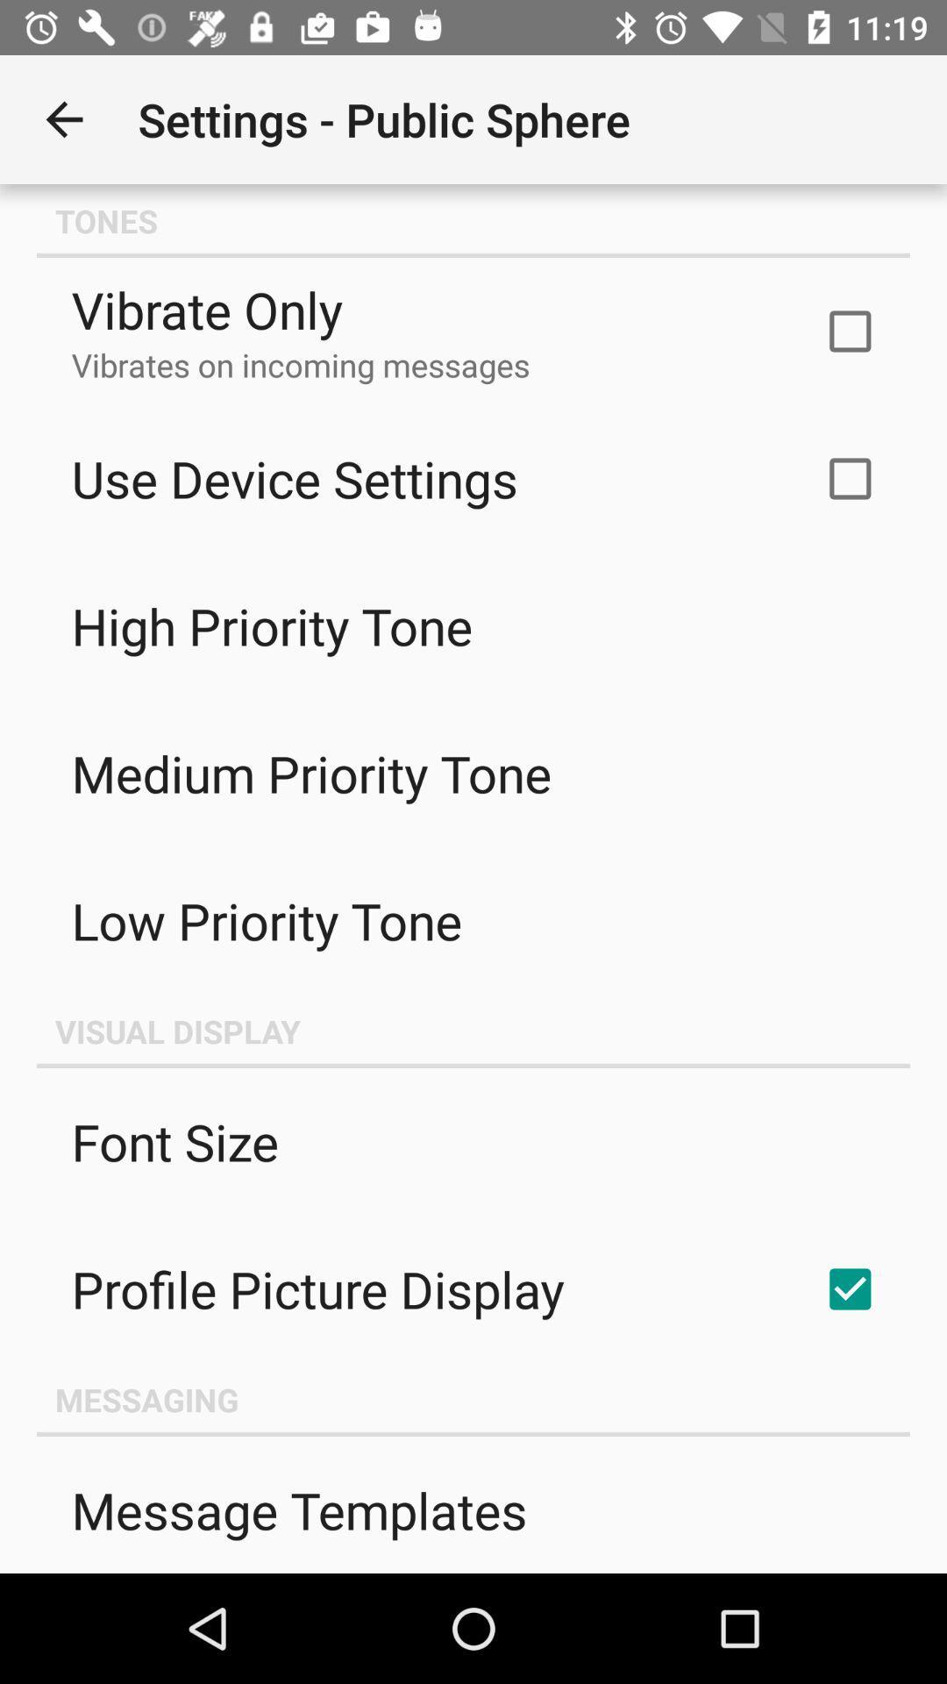 This screenshot has height=1684, width=947. Describe the element at coordinates (473, 1398) in the screenshot. I see `the messaging` at that location.